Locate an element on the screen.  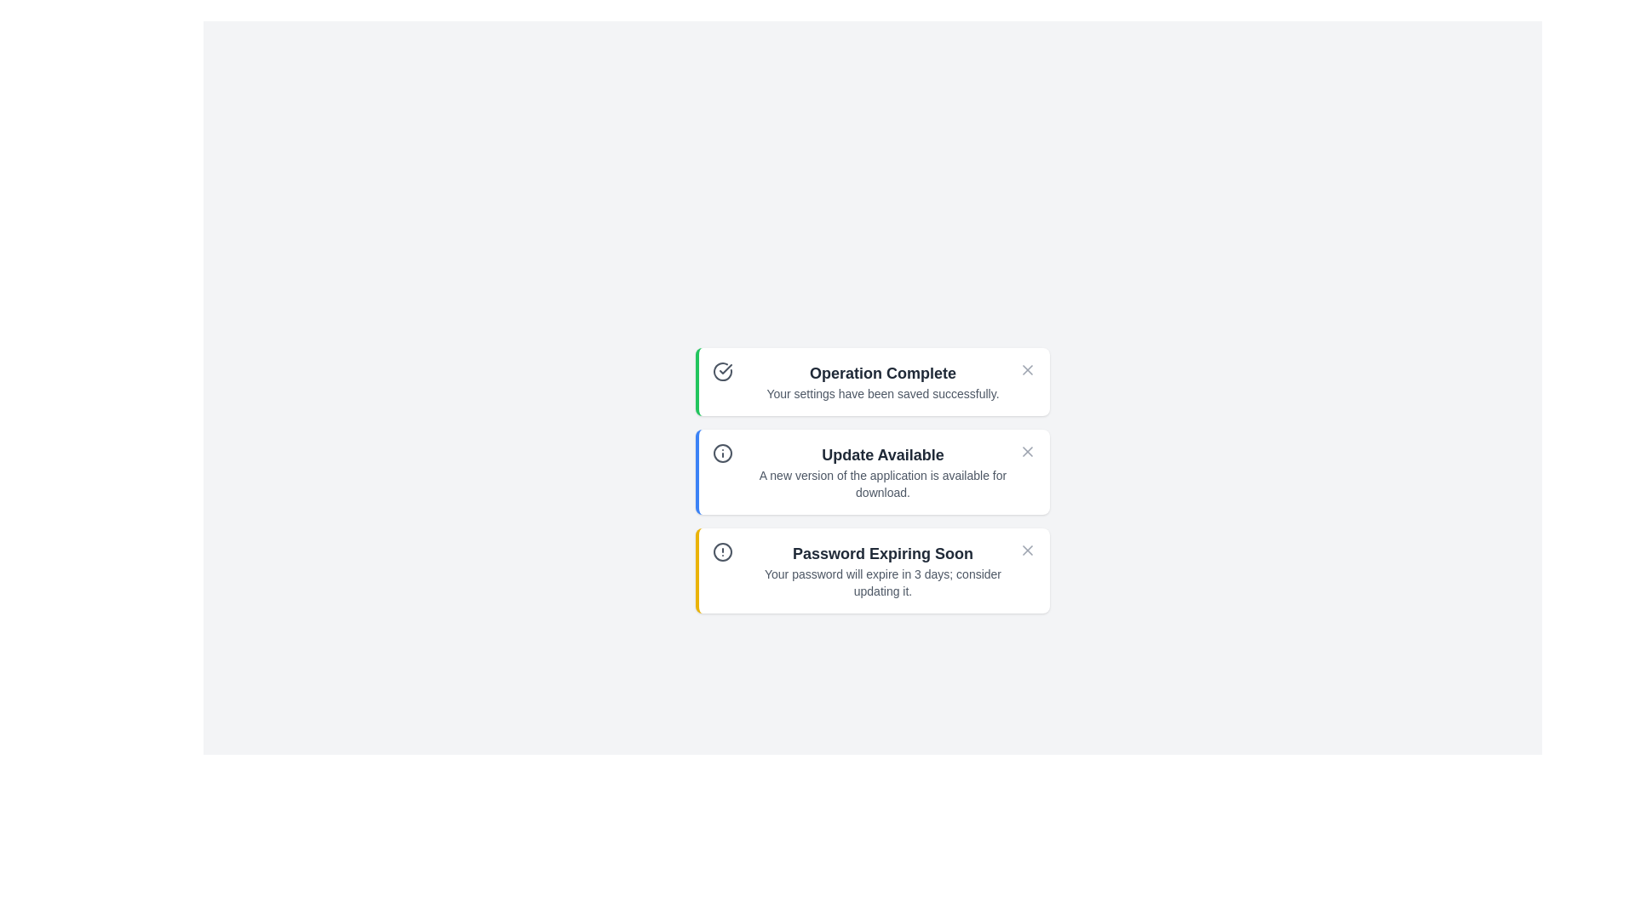
the second notification box that informs the user about the availability of a new version of the application, which is centrally aligned horizontally and has a blue border on its left side is located at coordinates (882, 472).